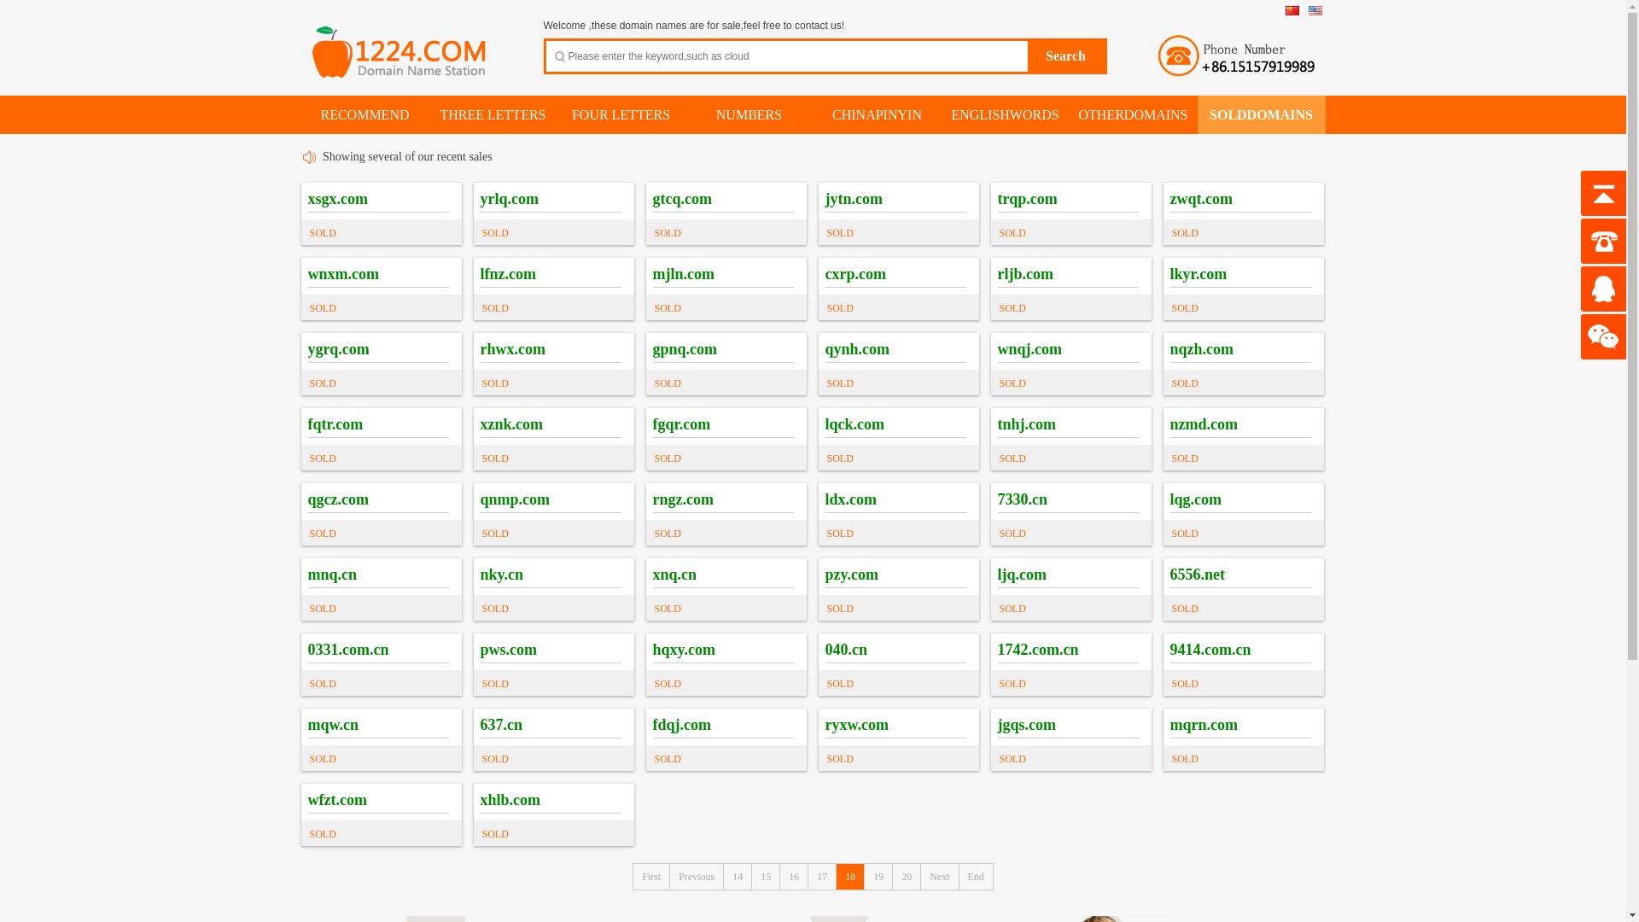  Describe the element at coordinates (506, 272) in the screenshot. I see `'lfnz.com'` at that location.